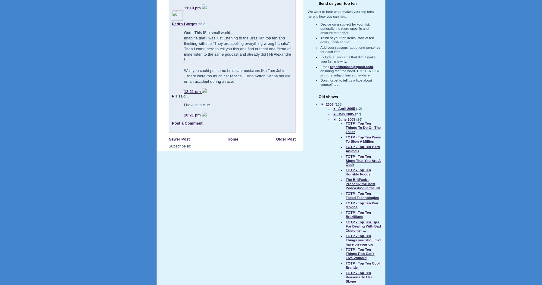  I want to click on '(27)', so click(357, 113).